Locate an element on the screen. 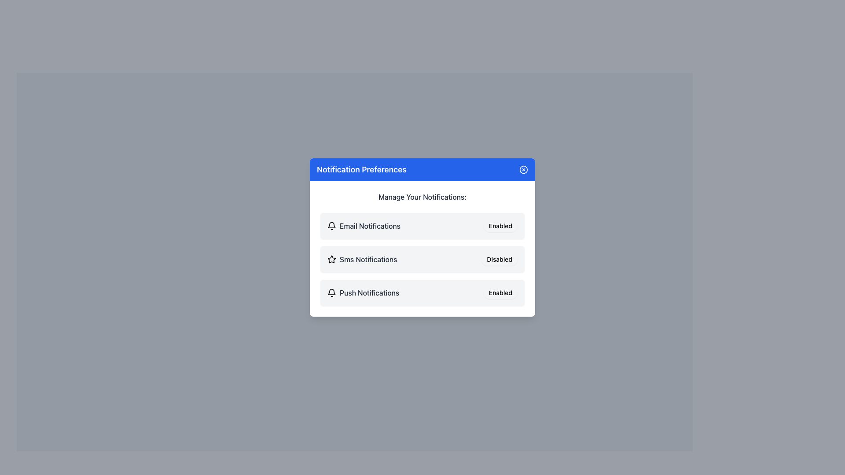  the bell icon representing notifications, which is part of the 'Notification Preferences' section, located to the left of the 'Push Notifications' toggle is located at coordinates (331, 293).